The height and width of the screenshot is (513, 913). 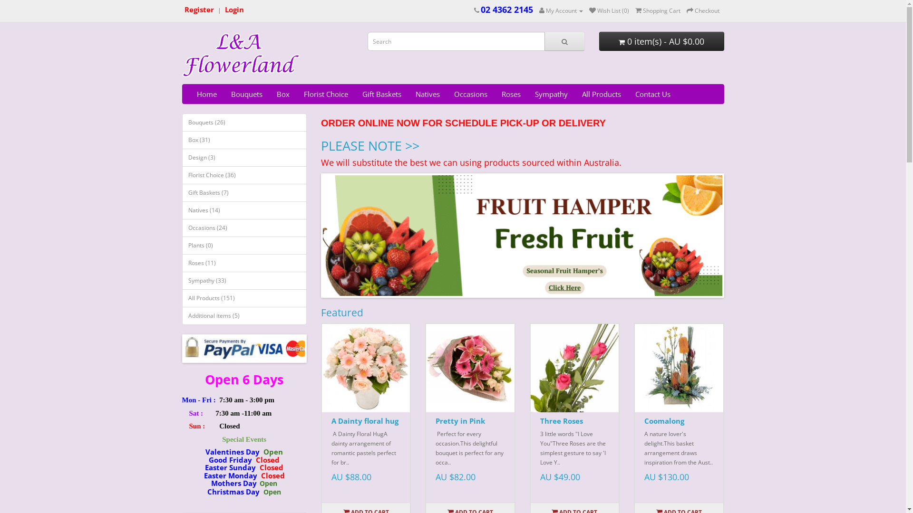 What do you see at coordinates (427, 94) in the screenshot?
I see `'Natives'` at bounding box center [427, 94].